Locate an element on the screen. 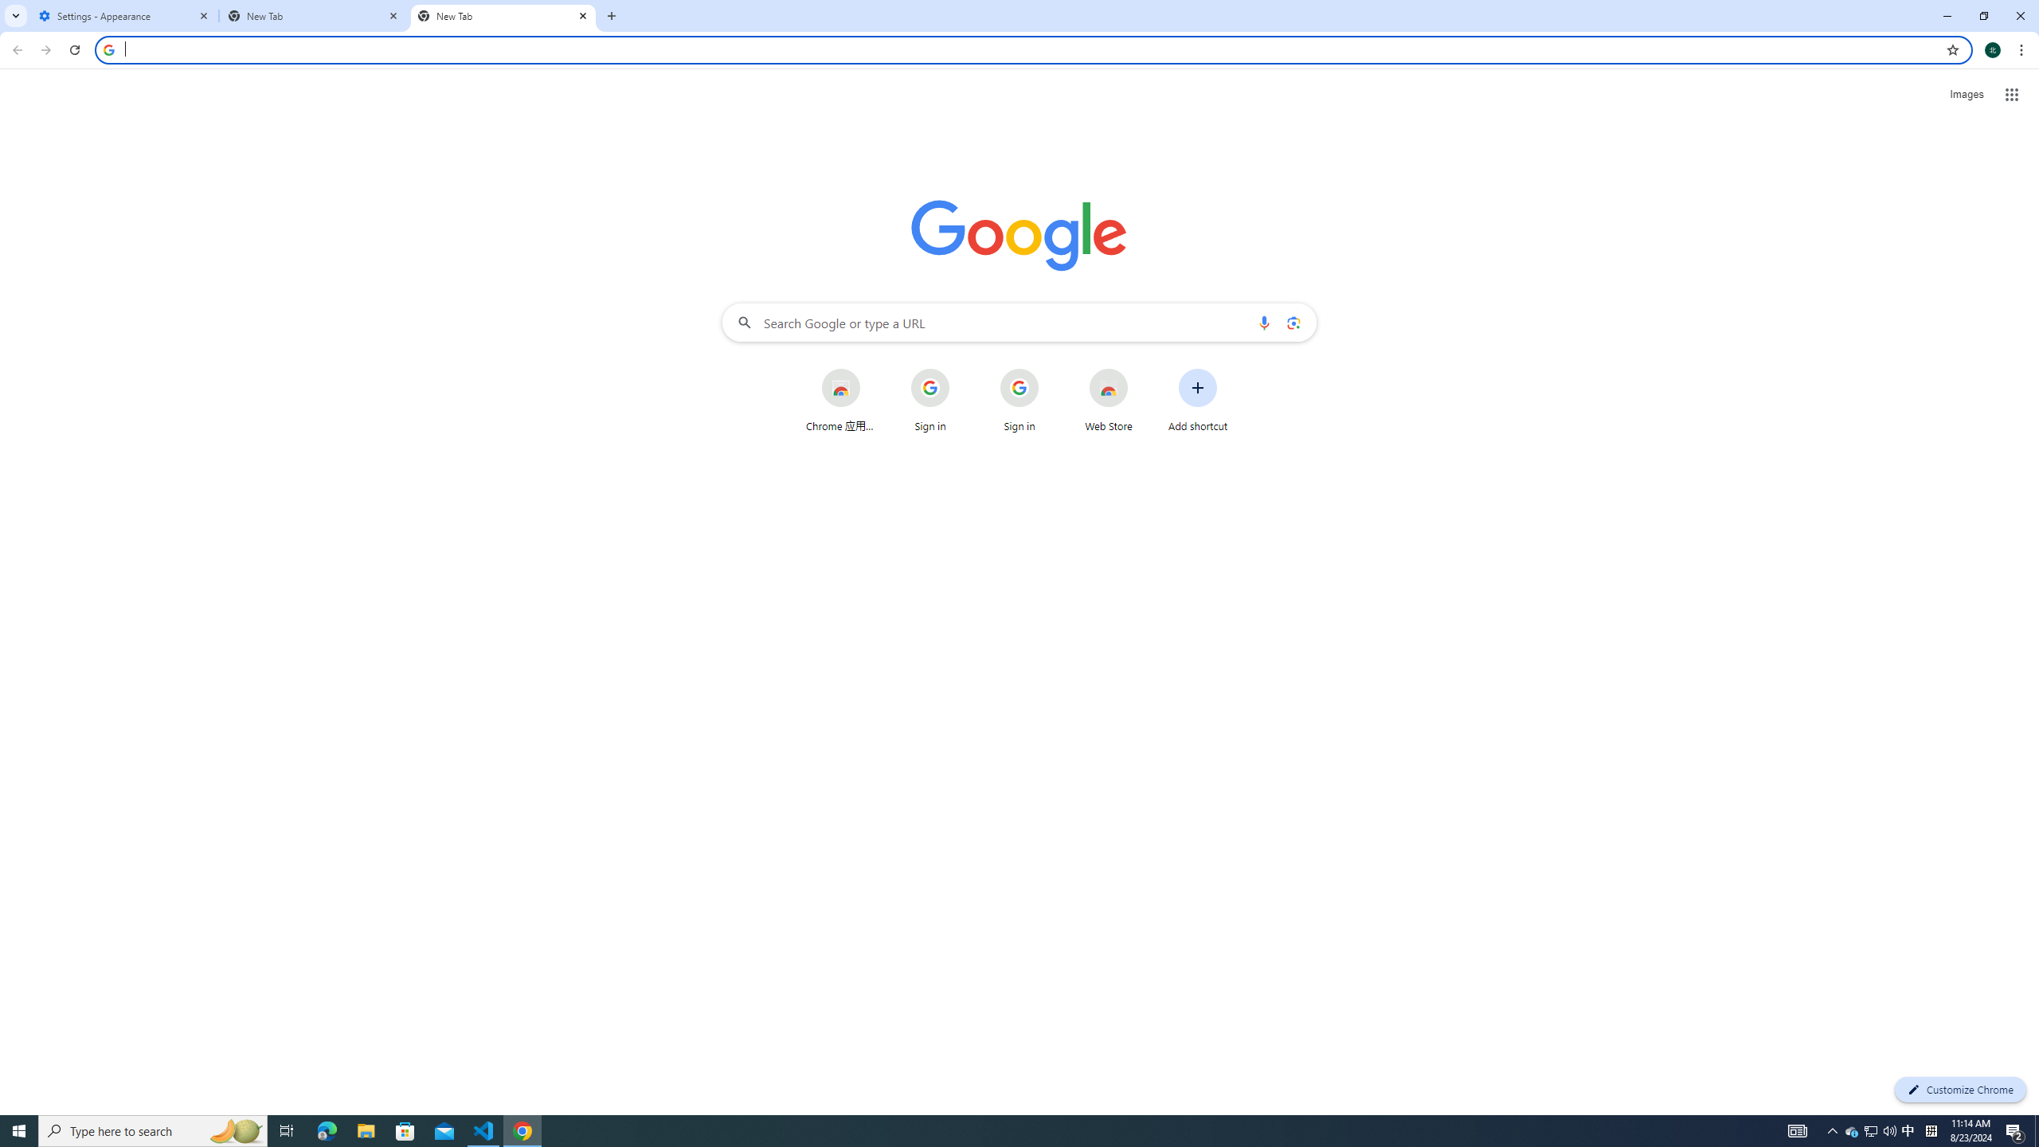 The width and height of the screenshot is (2039, 1147). 'New Tab' is located at coordinates (314, 15).